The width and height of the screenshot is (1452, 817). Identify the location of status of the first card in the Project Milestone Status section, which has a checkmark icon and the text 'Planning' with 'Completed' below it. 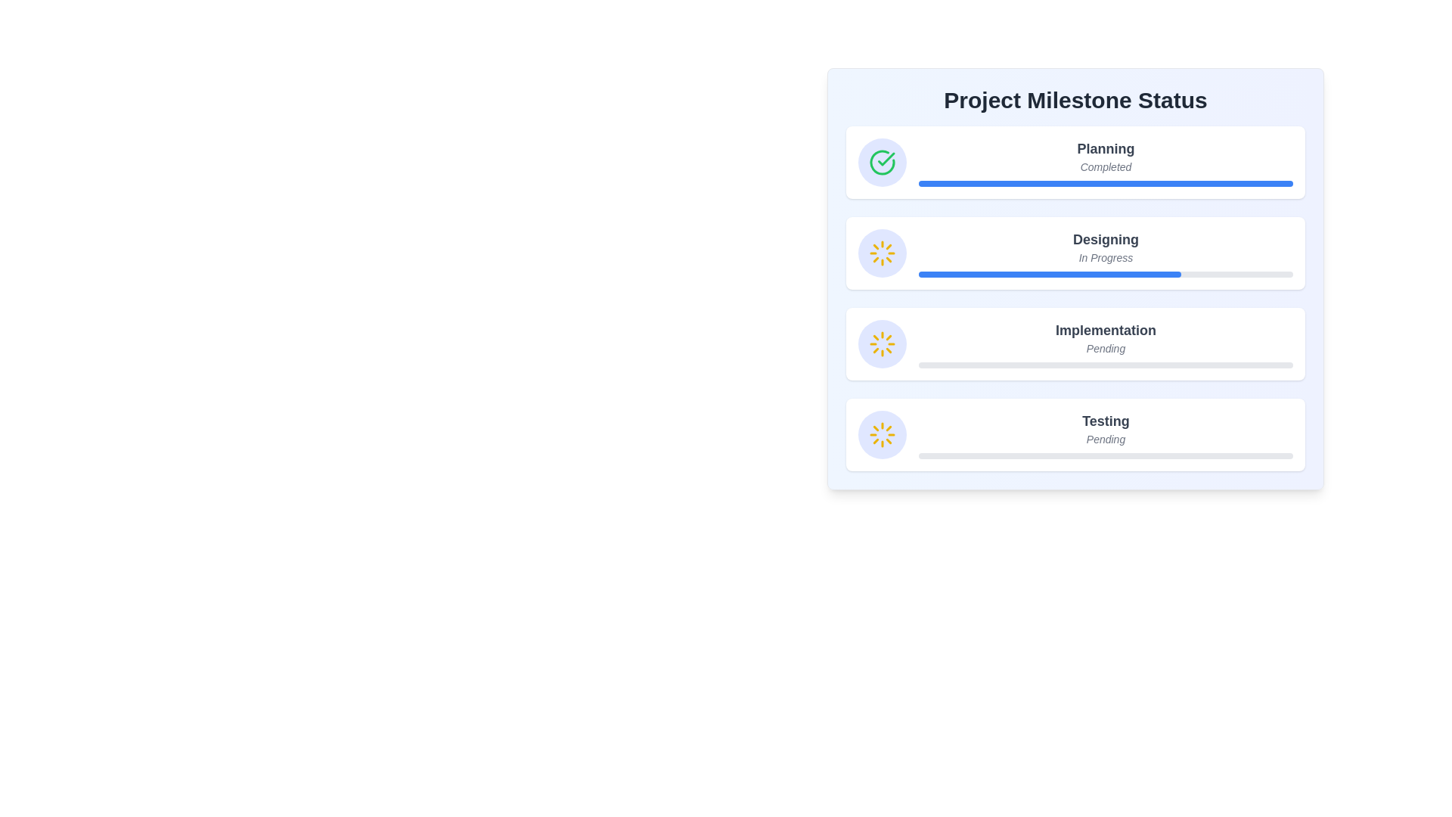
(1075, 163).